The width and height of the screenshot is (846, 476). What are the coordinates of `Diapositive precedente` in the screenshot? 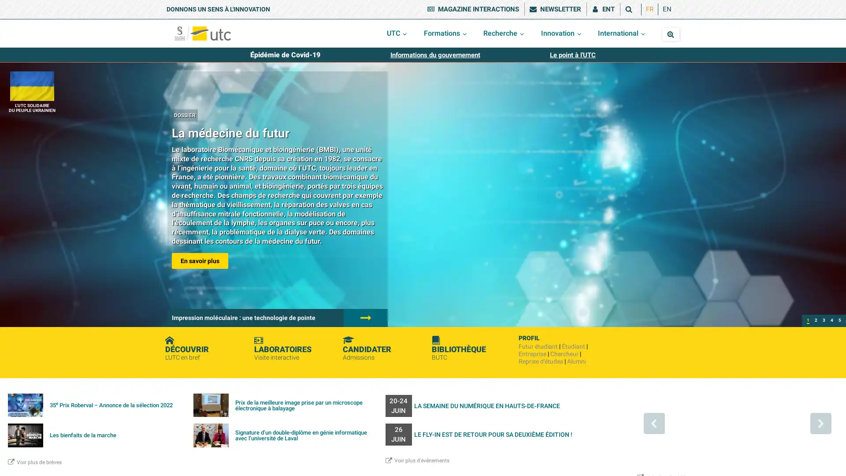 It's located at (653, 423).